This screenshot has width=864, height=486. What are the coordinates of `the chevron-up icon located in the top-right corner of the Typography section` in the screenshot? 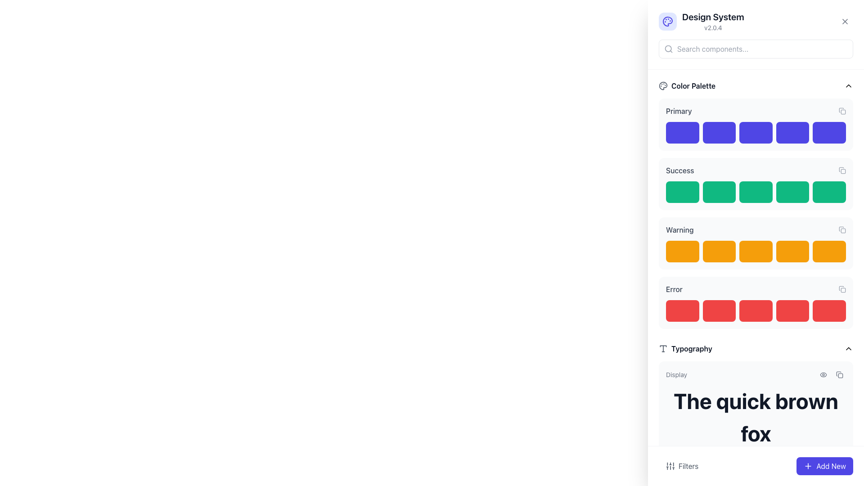 It's located at (848, 348).